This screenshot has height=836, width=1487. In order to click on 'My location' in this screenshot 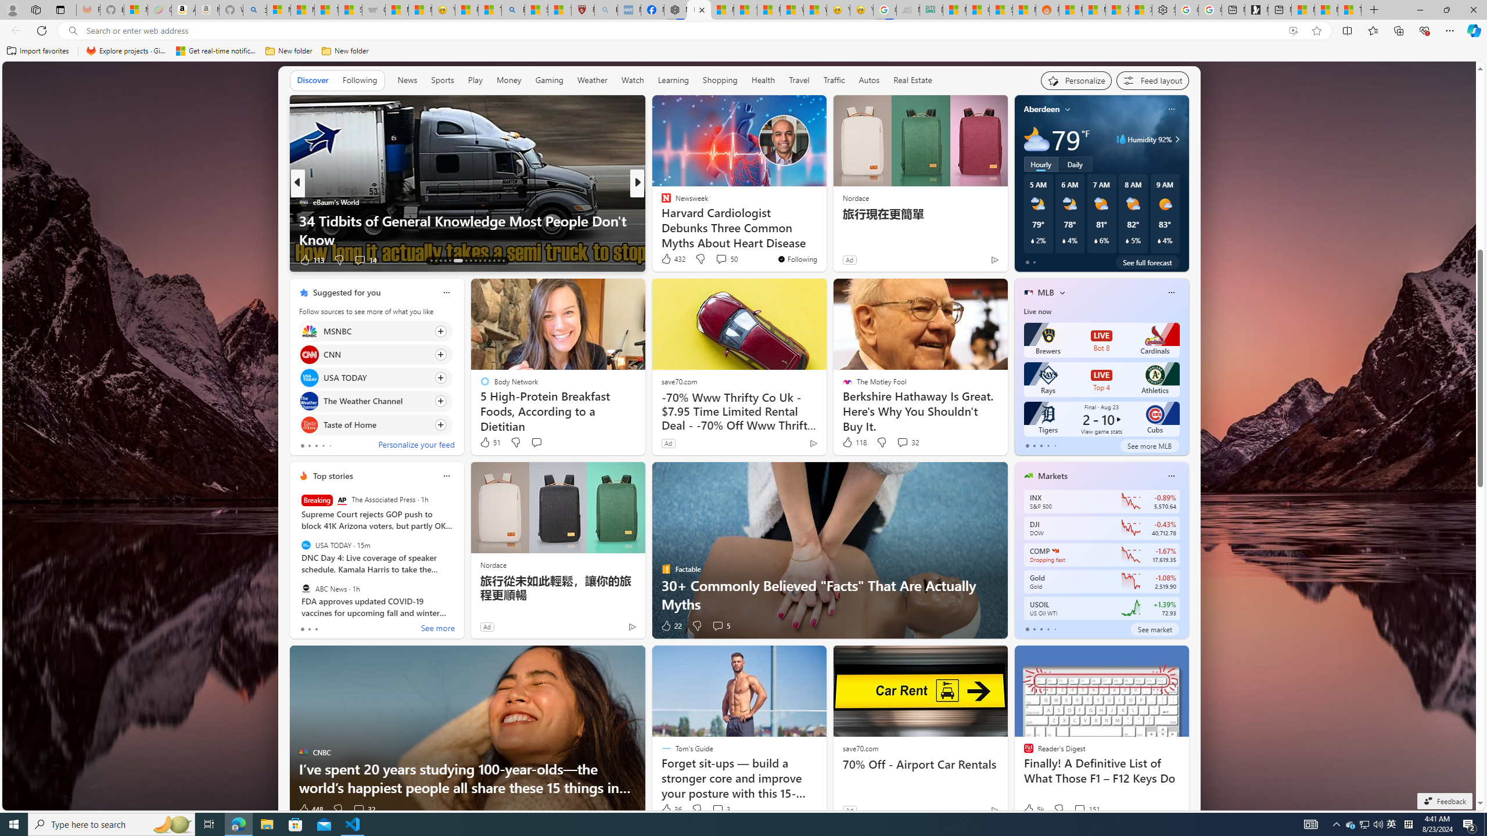, I will do `click(1068, 109)`.